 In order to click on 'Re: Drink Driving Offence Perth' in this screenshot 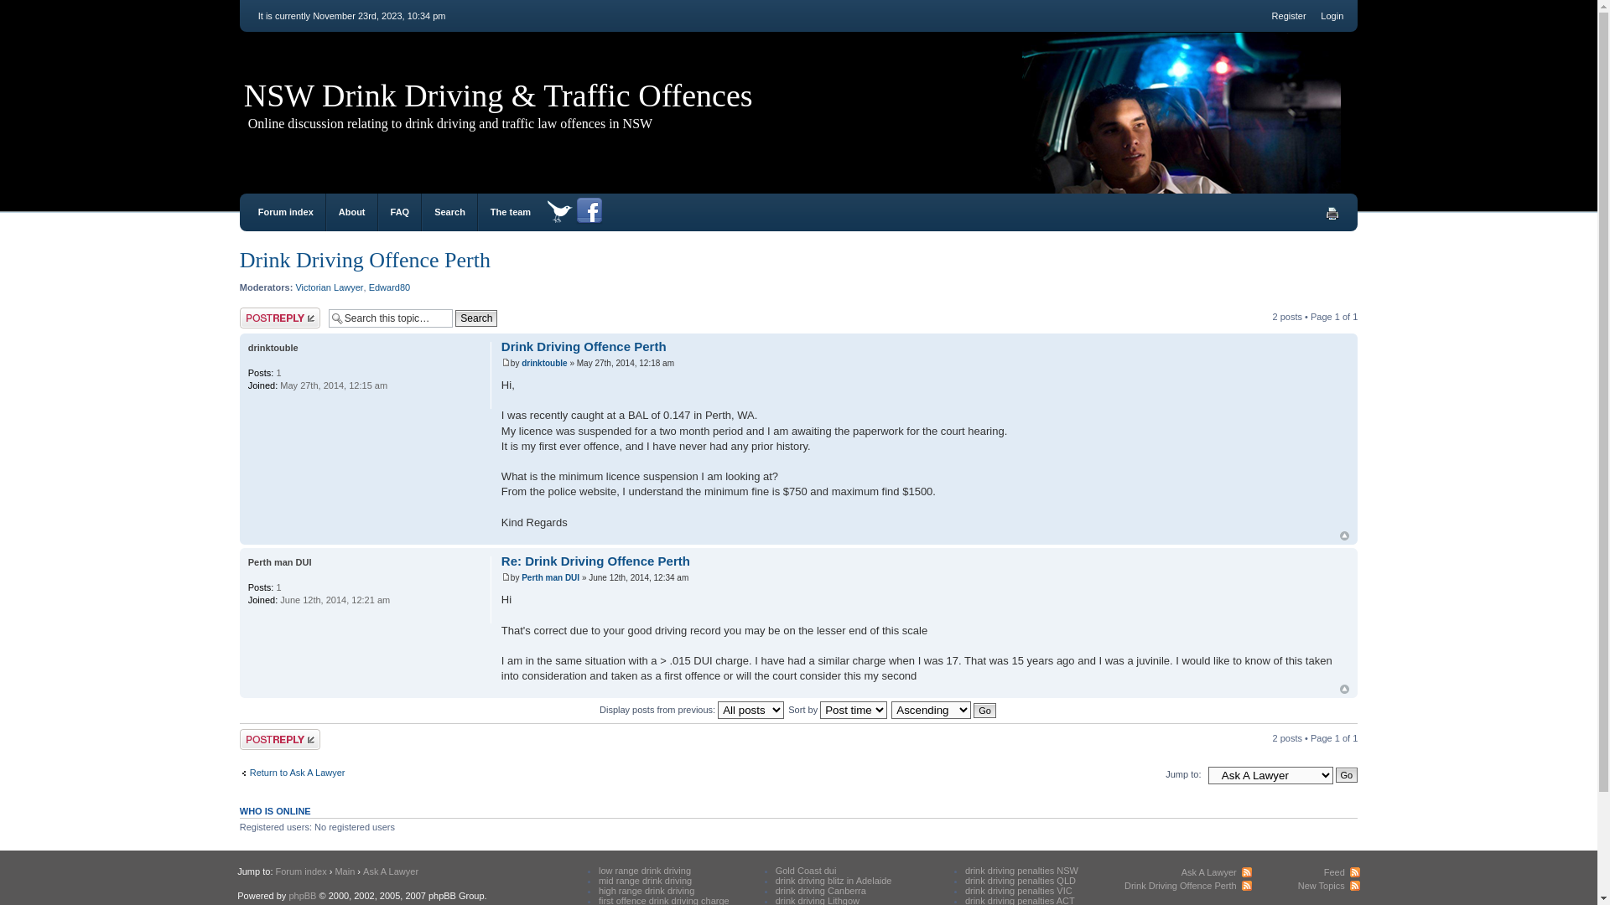, I will do `click(595, 561)`.